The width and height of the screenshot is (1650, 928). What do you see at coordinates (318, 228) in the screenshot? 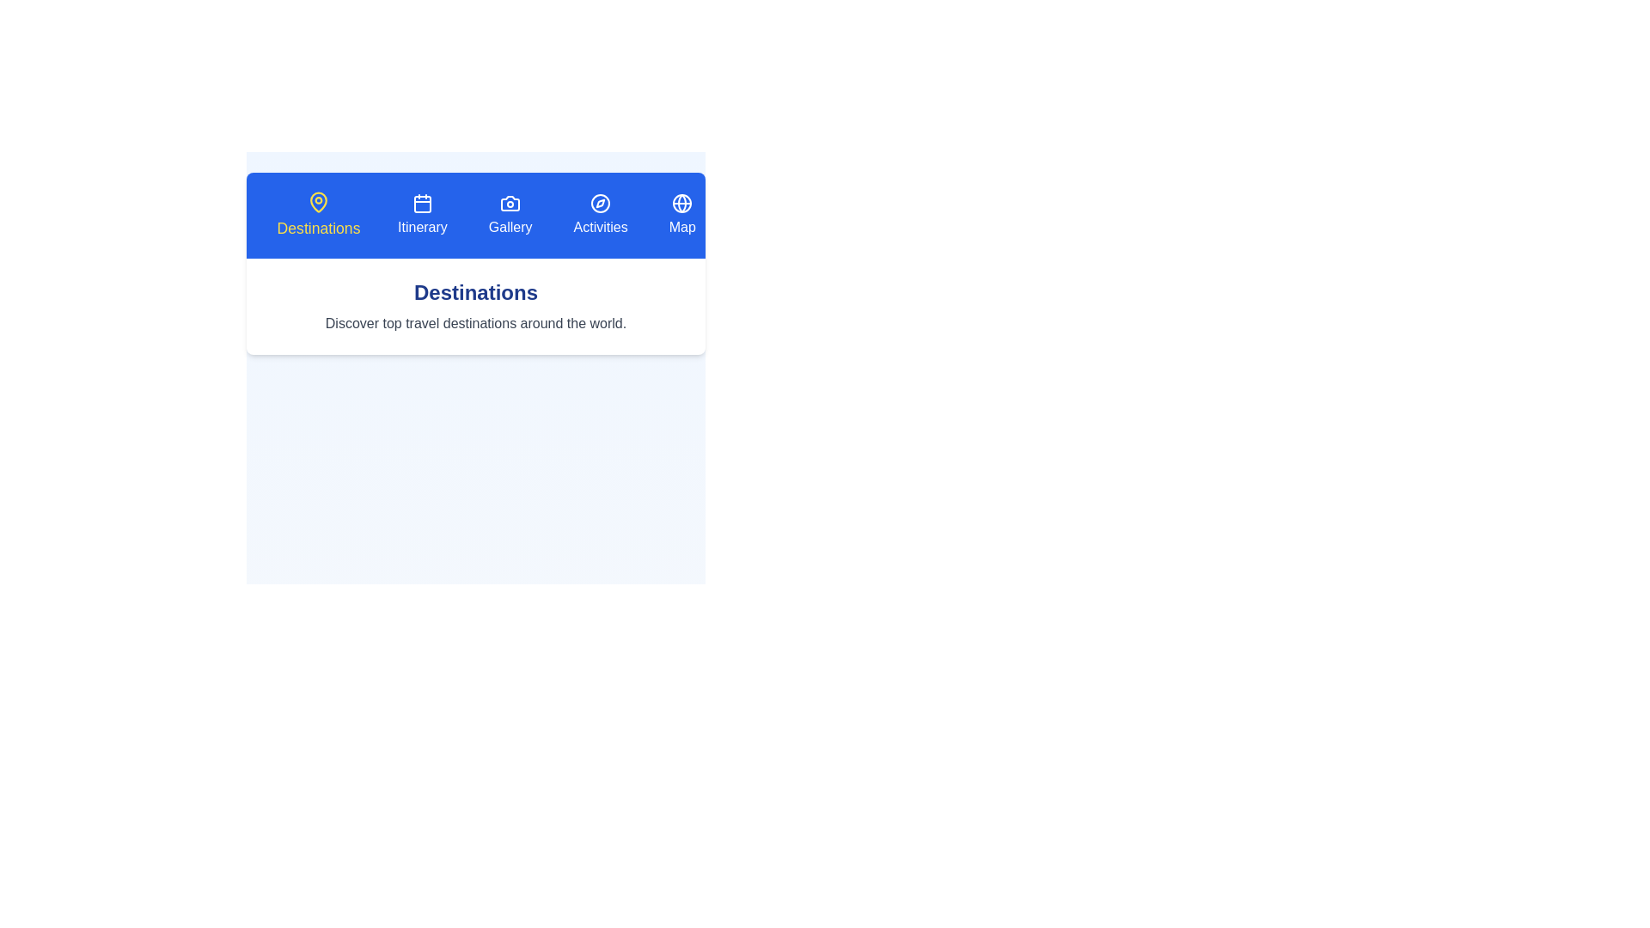
I see `text of the 'Destinations' label, which is styled in yellow on a blue background and located in the leftmost segment of the horizontal navigation bar` at bounding box center [318, 228].